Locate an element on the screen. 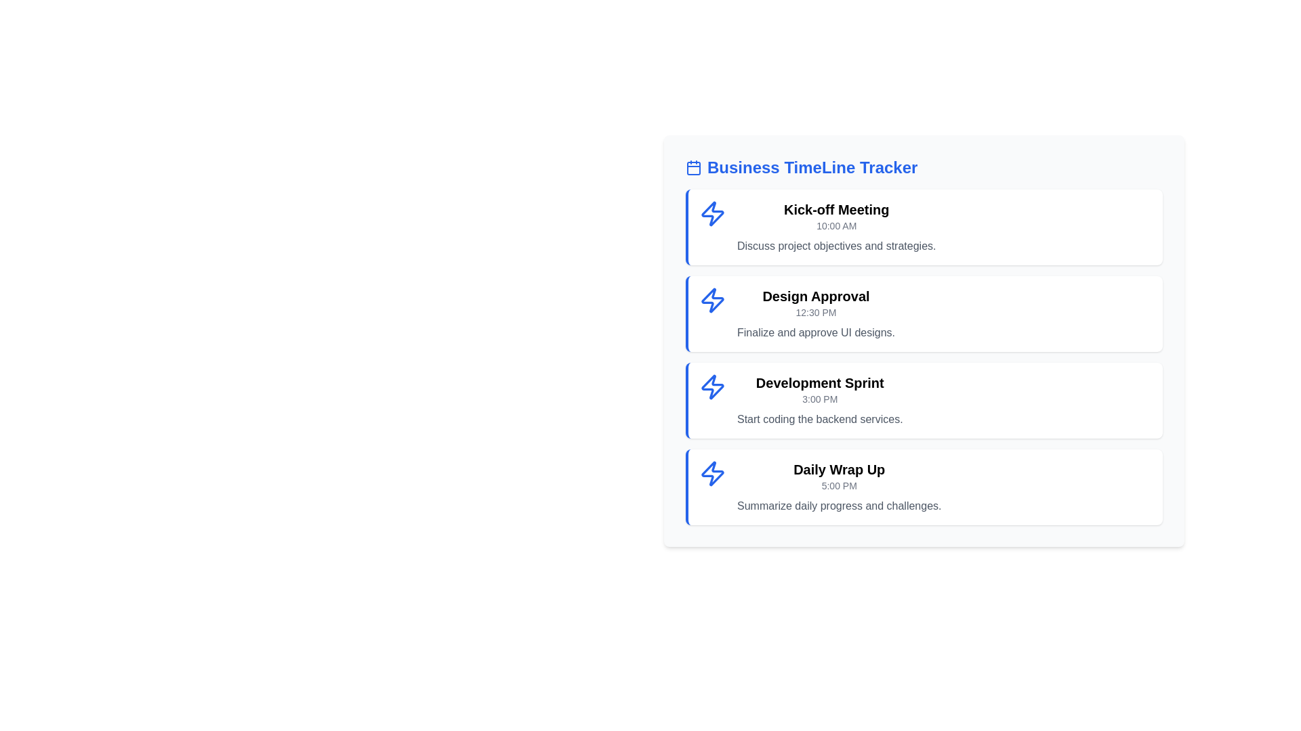  the text label that serves as the title for the meeting event, which is positioned above '10:00 AM' and the description 'Discuss project objectives and strategies' is located at coordinates (835, 209).